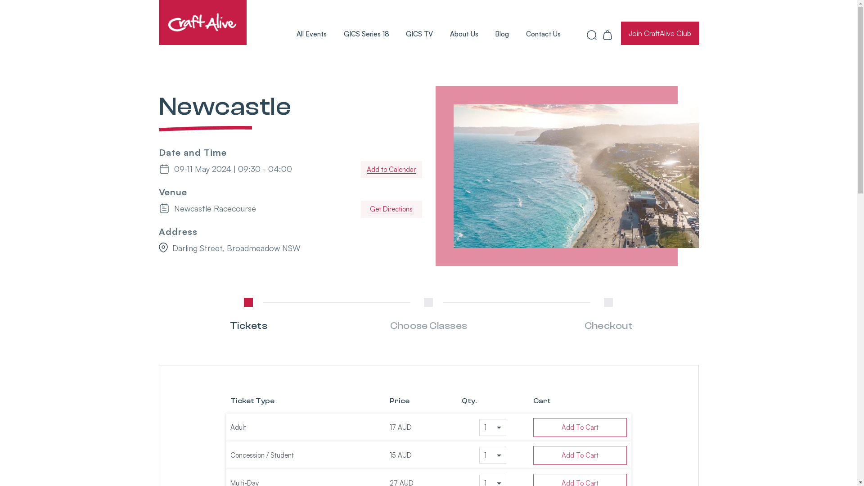  I want to click on 'About Us', so click(443, 34).